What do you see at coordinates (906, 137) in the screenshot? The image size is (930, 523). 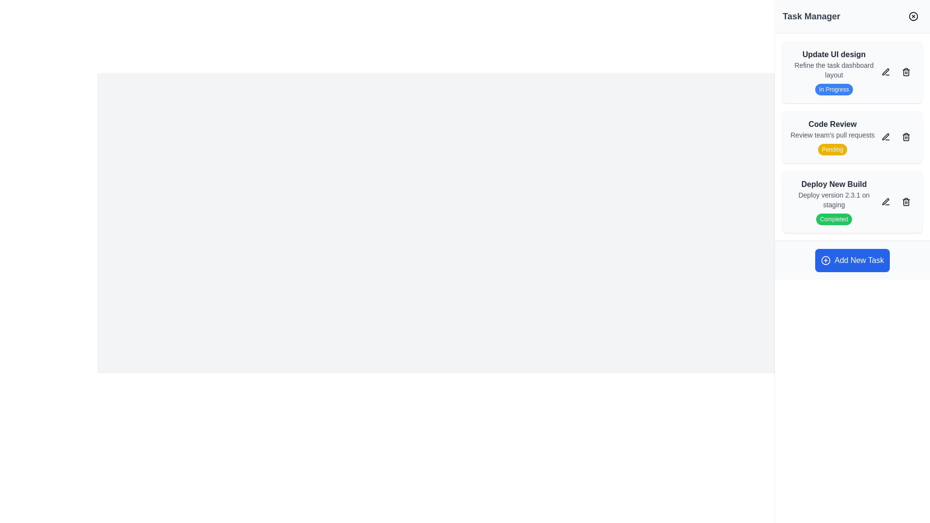 I see `the delete icon button located in the far-right of the 'Code Review' row` at bounding box center [906, 137].